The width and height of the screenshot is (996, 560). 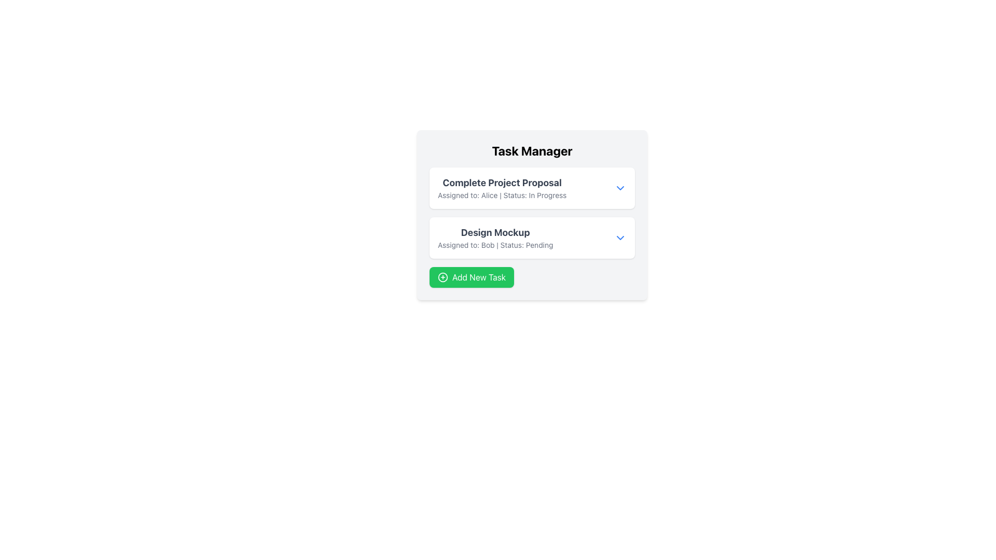 I want to click on text label 'Design Mockup' which is presented in a bold and large font size, styled with a darker gray color, located at the center top of a task card, so click(x=495, y=232).